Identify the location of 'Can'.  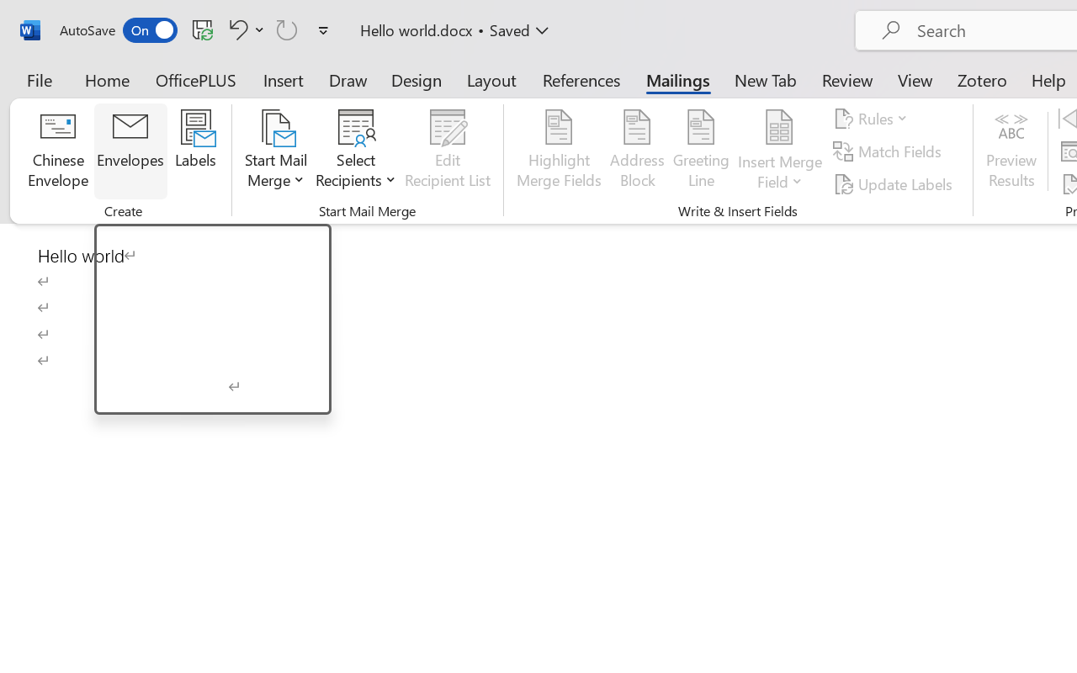
(287, 29).